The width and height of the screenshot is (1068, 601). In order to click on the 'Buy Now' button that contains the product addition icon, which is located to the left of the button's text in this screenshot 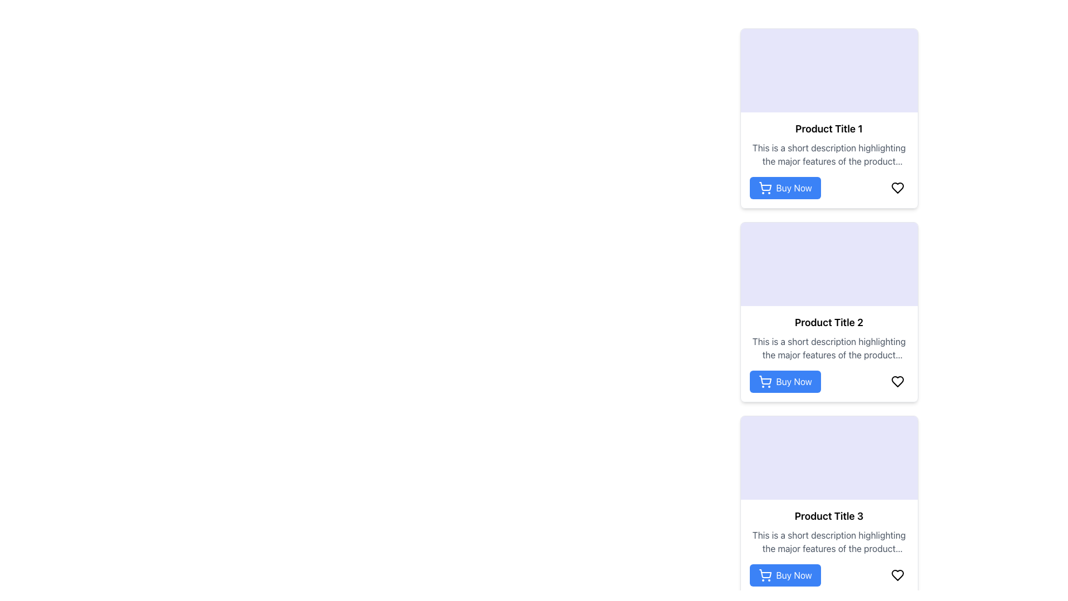, I will do `click(764, 188)`.